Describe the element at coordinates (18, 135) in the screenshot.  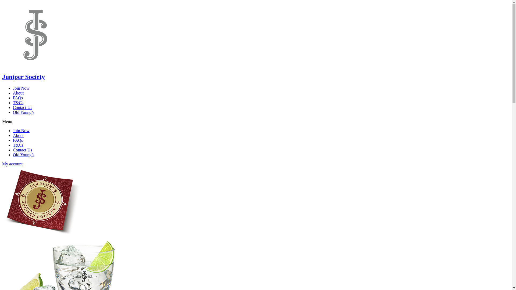
I see `'About'` at that location.